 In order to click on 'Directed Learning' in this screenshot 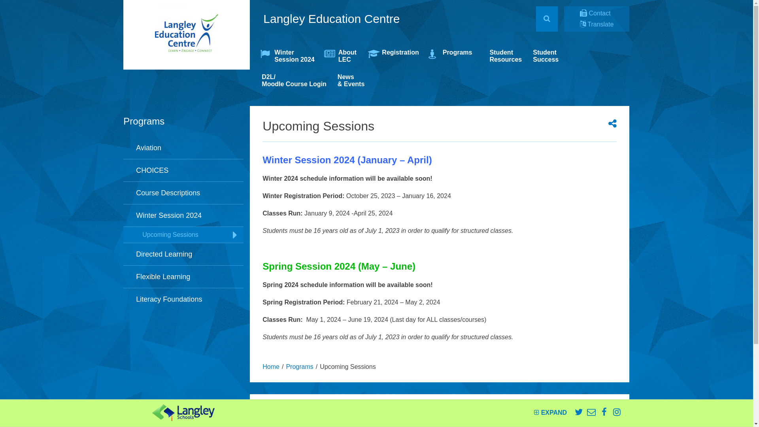, I will do `click(183, 254)`.